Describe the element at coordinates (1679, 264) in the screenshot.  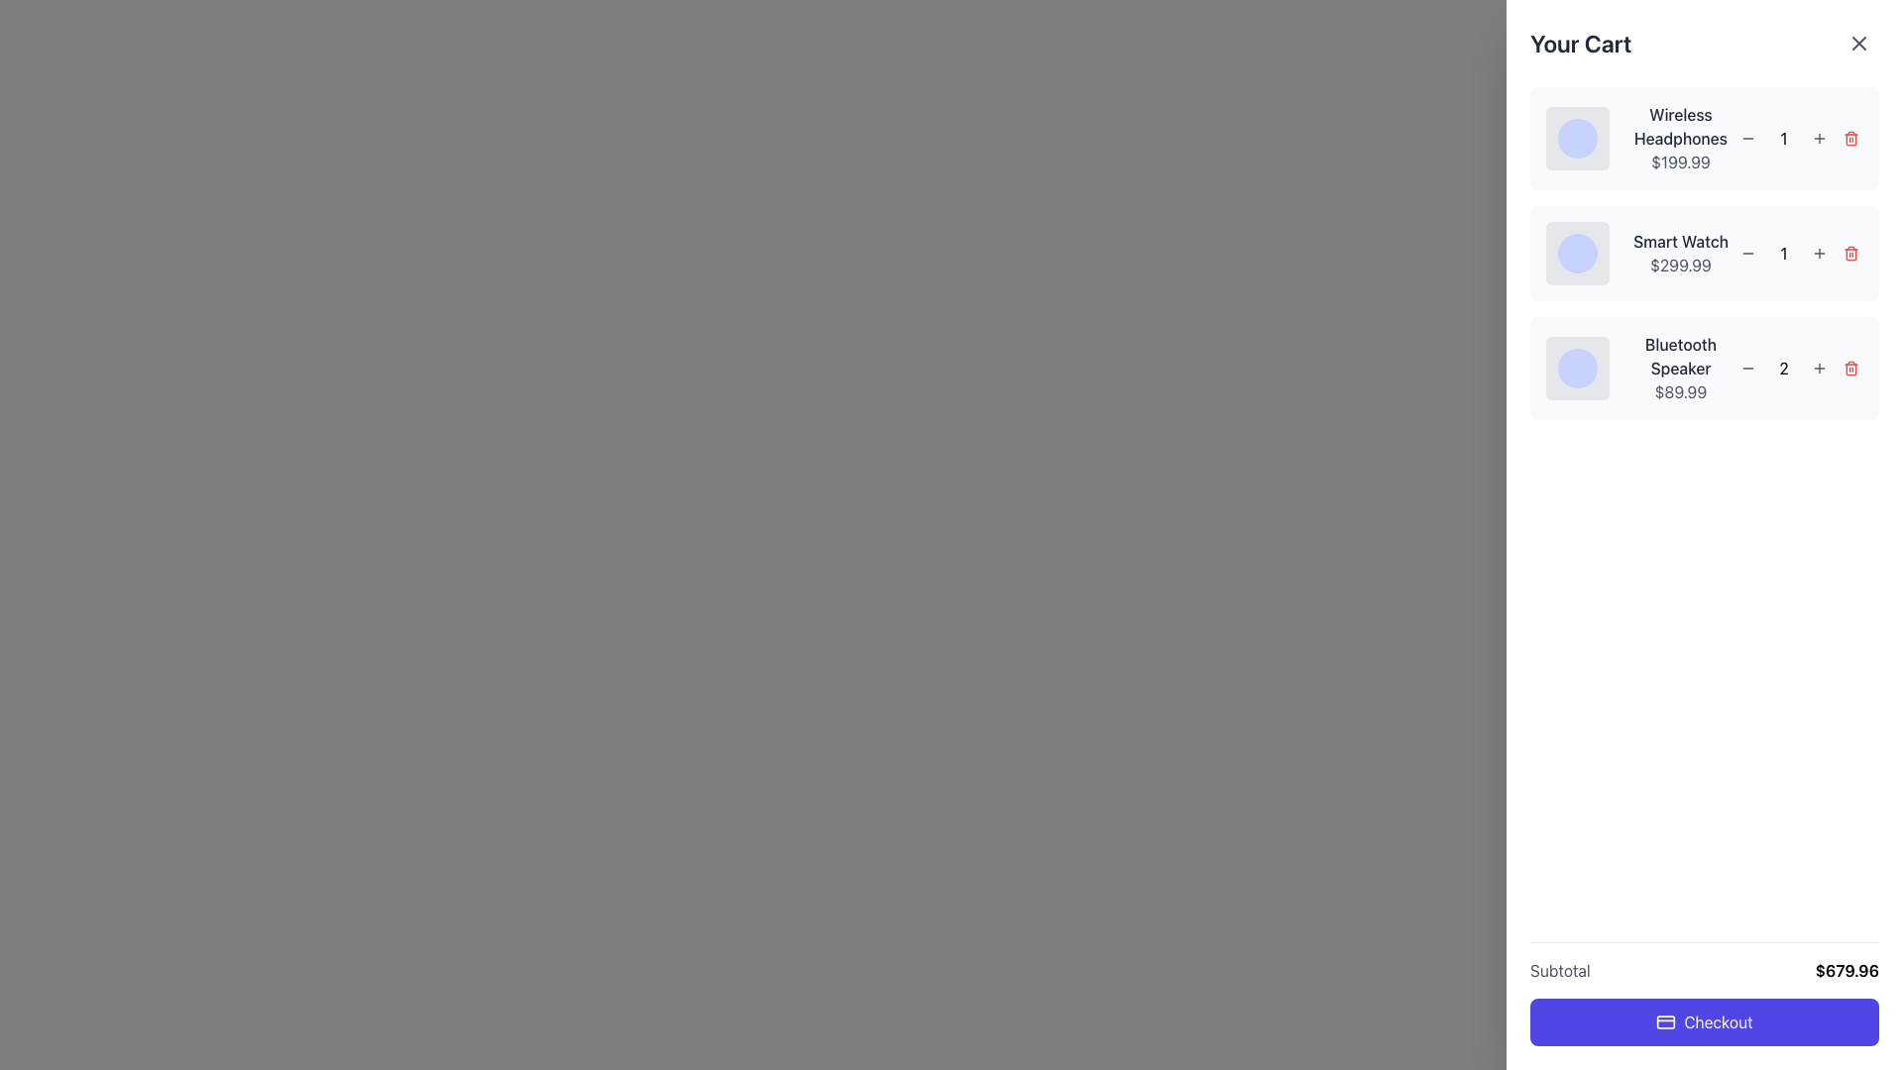
I see `the price label for 'Smart Watch' in the shopping cart, which is located under the 'Your Cart' section, positioned to the right of the interface` at that location.